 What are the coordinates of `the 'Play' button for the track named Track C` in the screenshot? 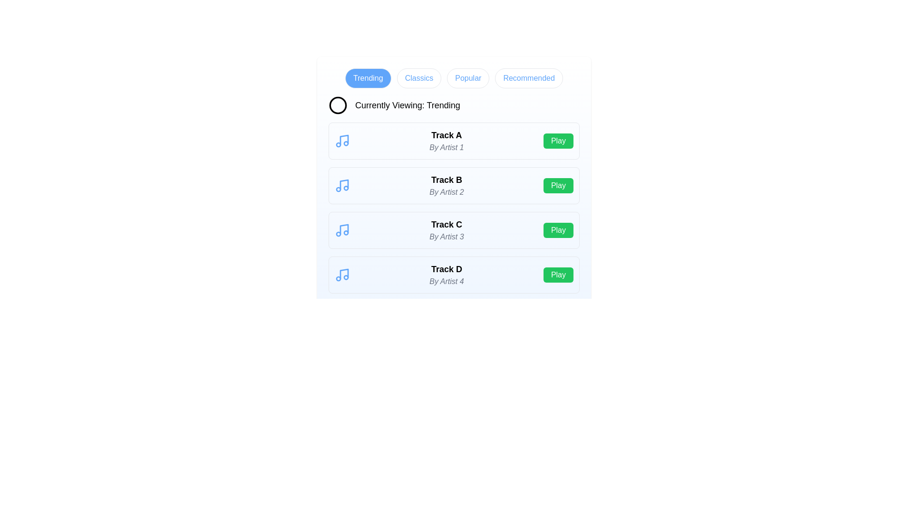 It's located at (558, 230).